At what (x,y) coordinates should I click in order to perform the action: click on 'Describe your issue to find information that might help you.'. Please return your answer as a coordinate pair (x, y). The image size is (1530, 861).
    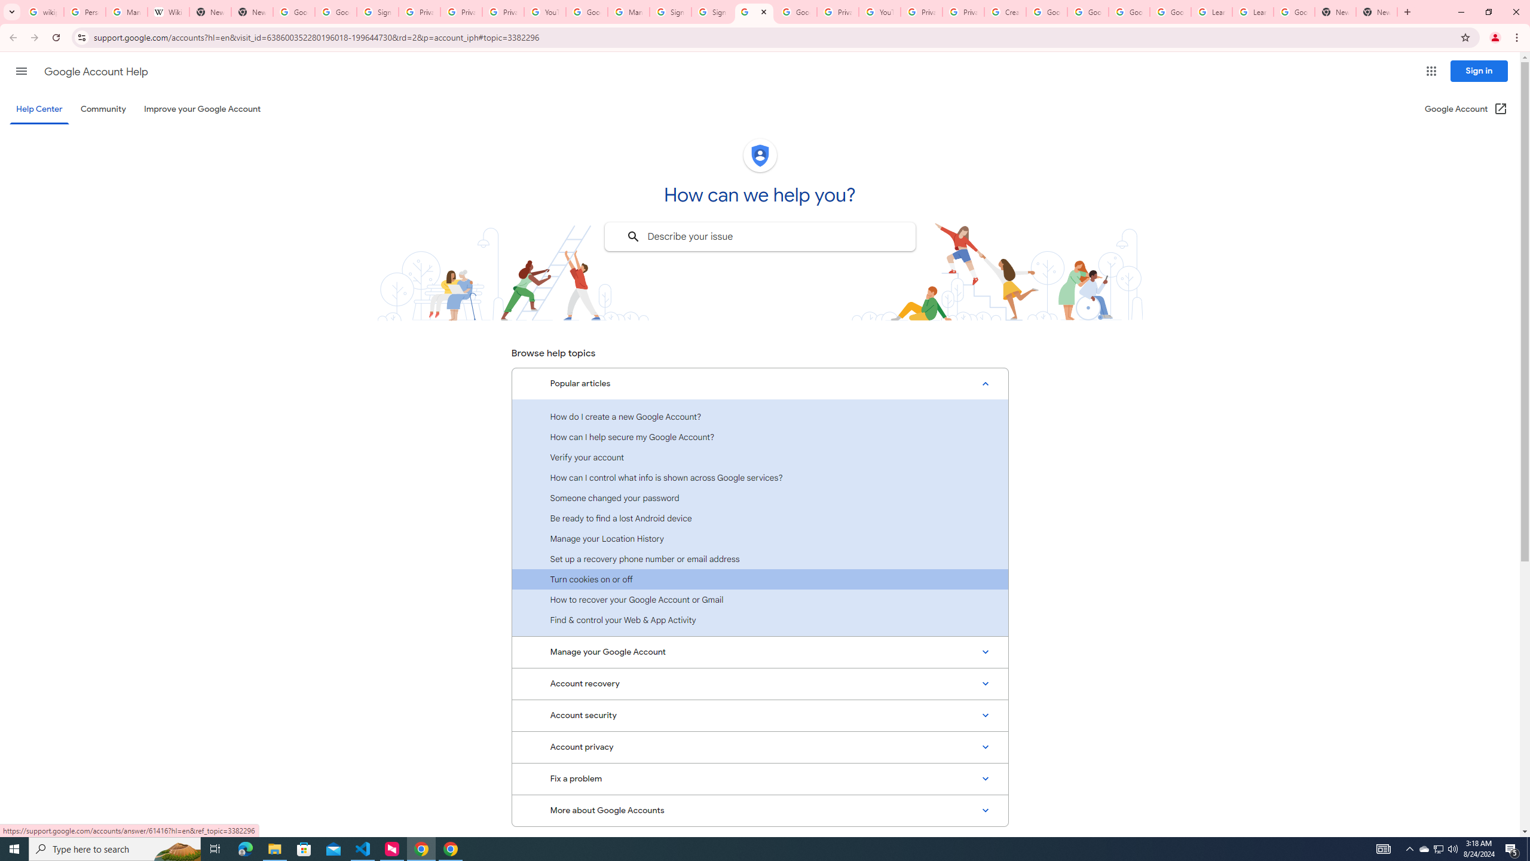
    Looking at the image, I should click on (760, 236).